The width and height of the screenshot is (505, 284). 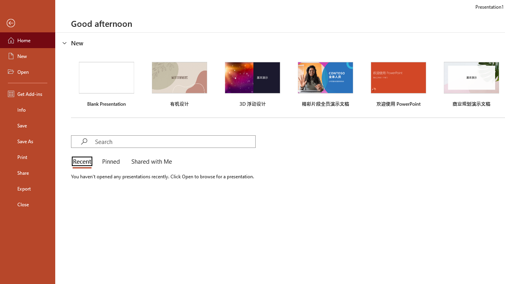 What do you see at coordinates (110, 162) in the screenshot?
I see `'Pinned'` at bounding box center [110, 162].